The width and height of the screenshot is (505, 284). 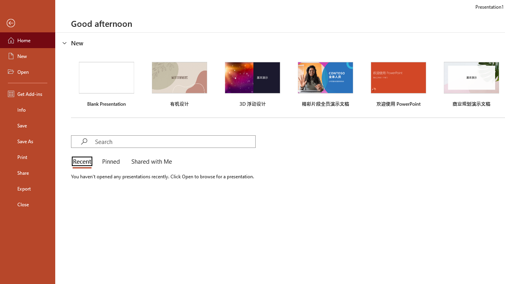 What do you see at coordinates (110, 162) in the screenshot?
I see `'Pinned'` at bounding box center [110, 162].